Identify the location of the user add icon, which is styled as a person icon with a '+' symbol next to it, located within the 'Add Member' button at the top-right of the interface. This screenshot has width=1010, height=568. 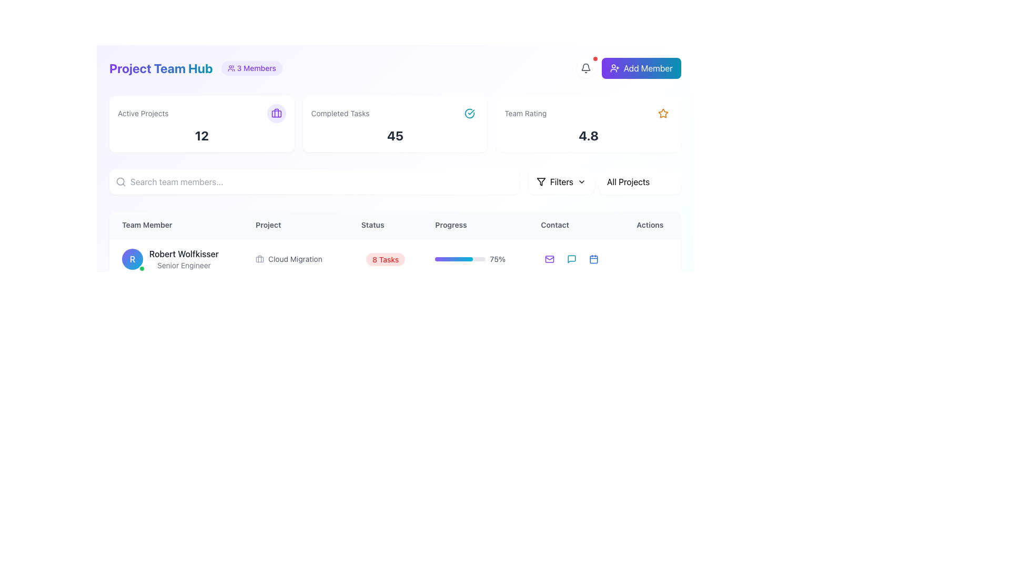
(614, 68).